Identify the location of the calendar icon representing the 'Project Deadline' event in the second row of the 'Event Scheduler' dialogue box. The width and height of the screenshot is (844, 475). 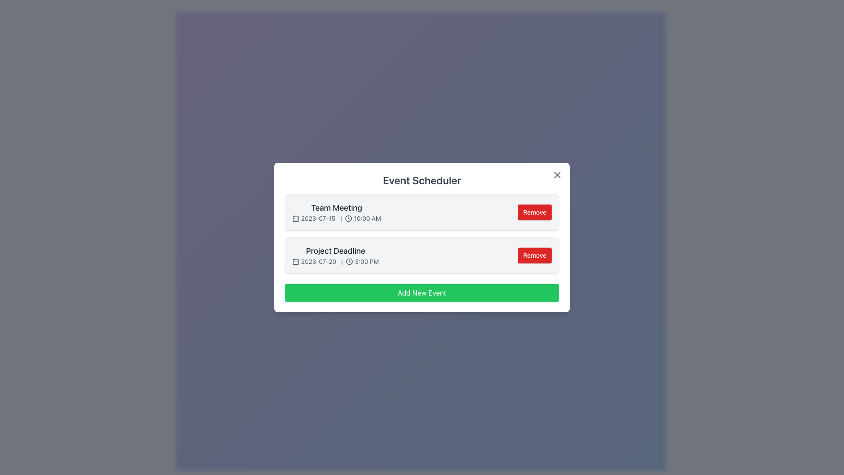
(295, 261).